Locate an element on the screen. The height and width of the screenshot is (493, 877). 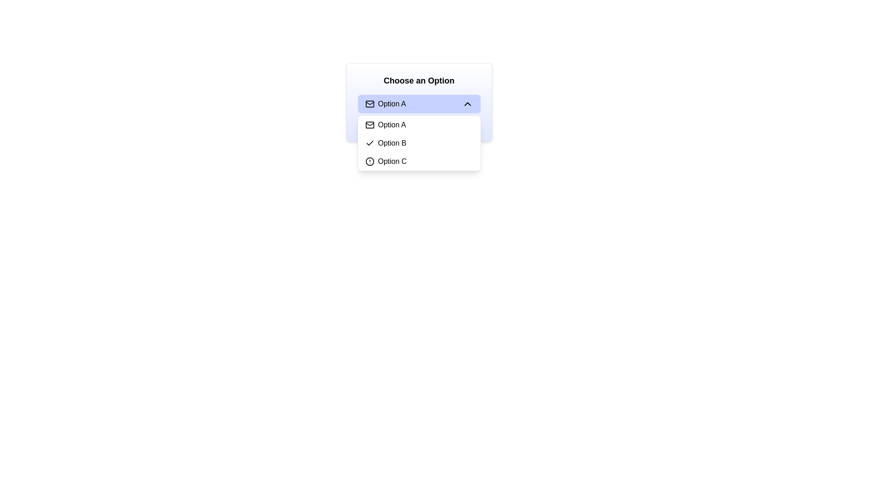
the text 'Option A' within the light indigo dropdown button is located at coordinates (386, 103).